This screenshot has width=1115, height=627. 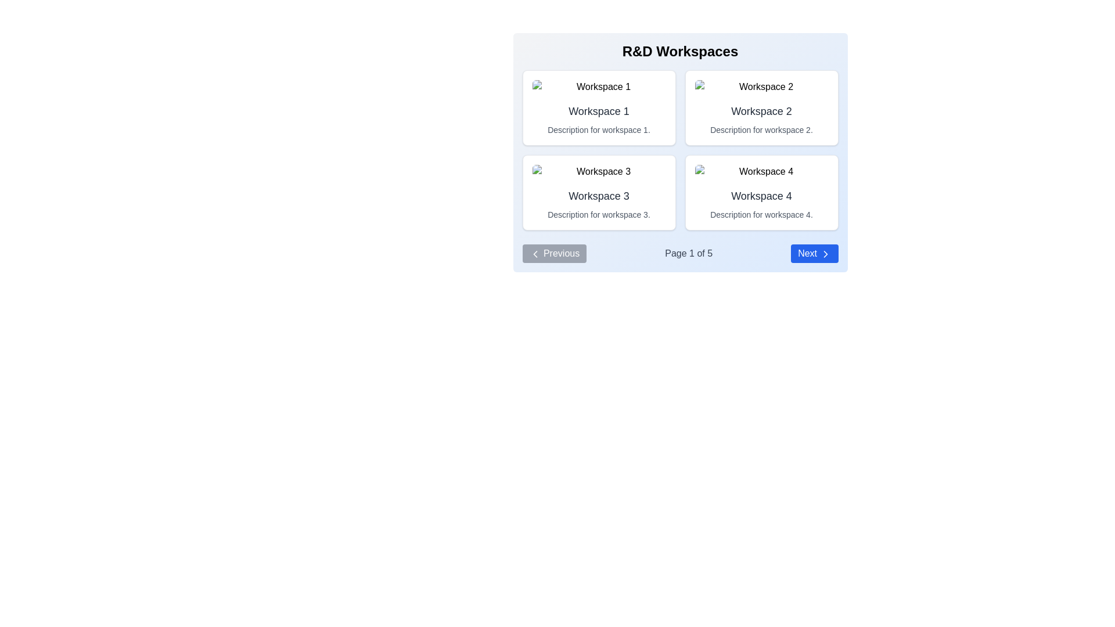 I want to click on the text label displaying 'Page 1 of 5', which is located centrally in the pagination bar between the 'Previous' and 'Next' buttons, so click(x=689, y=253).